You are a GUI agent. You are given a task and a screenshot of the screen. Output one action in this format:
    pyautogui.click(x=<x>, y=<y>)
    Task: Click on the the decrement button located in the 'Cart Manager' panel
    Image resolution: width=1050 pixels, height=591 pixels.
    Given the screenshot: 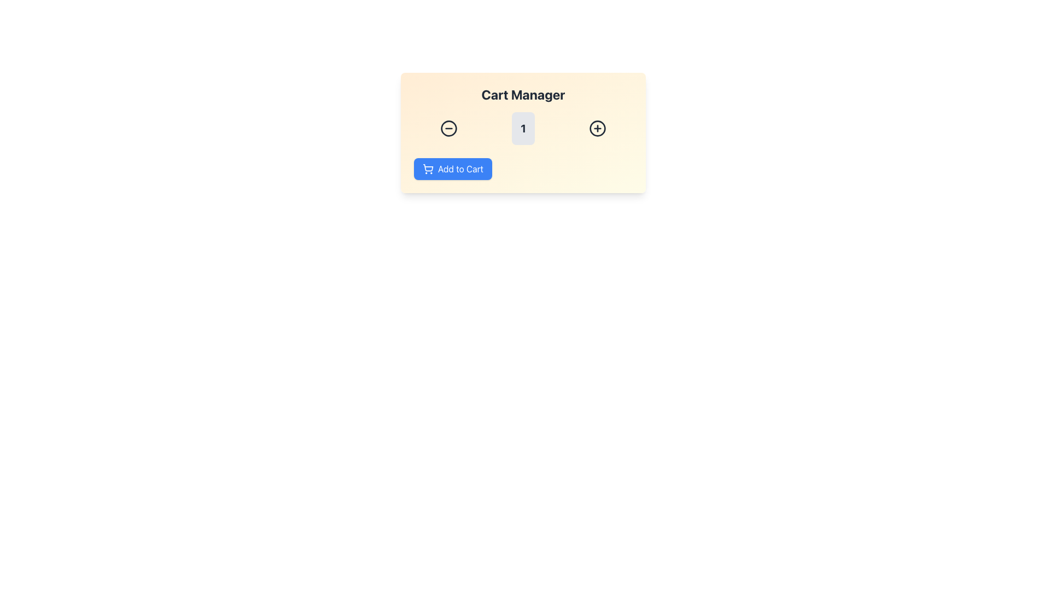 What is the action you would take?
    pyautogui.click(x=448, y=128)
    